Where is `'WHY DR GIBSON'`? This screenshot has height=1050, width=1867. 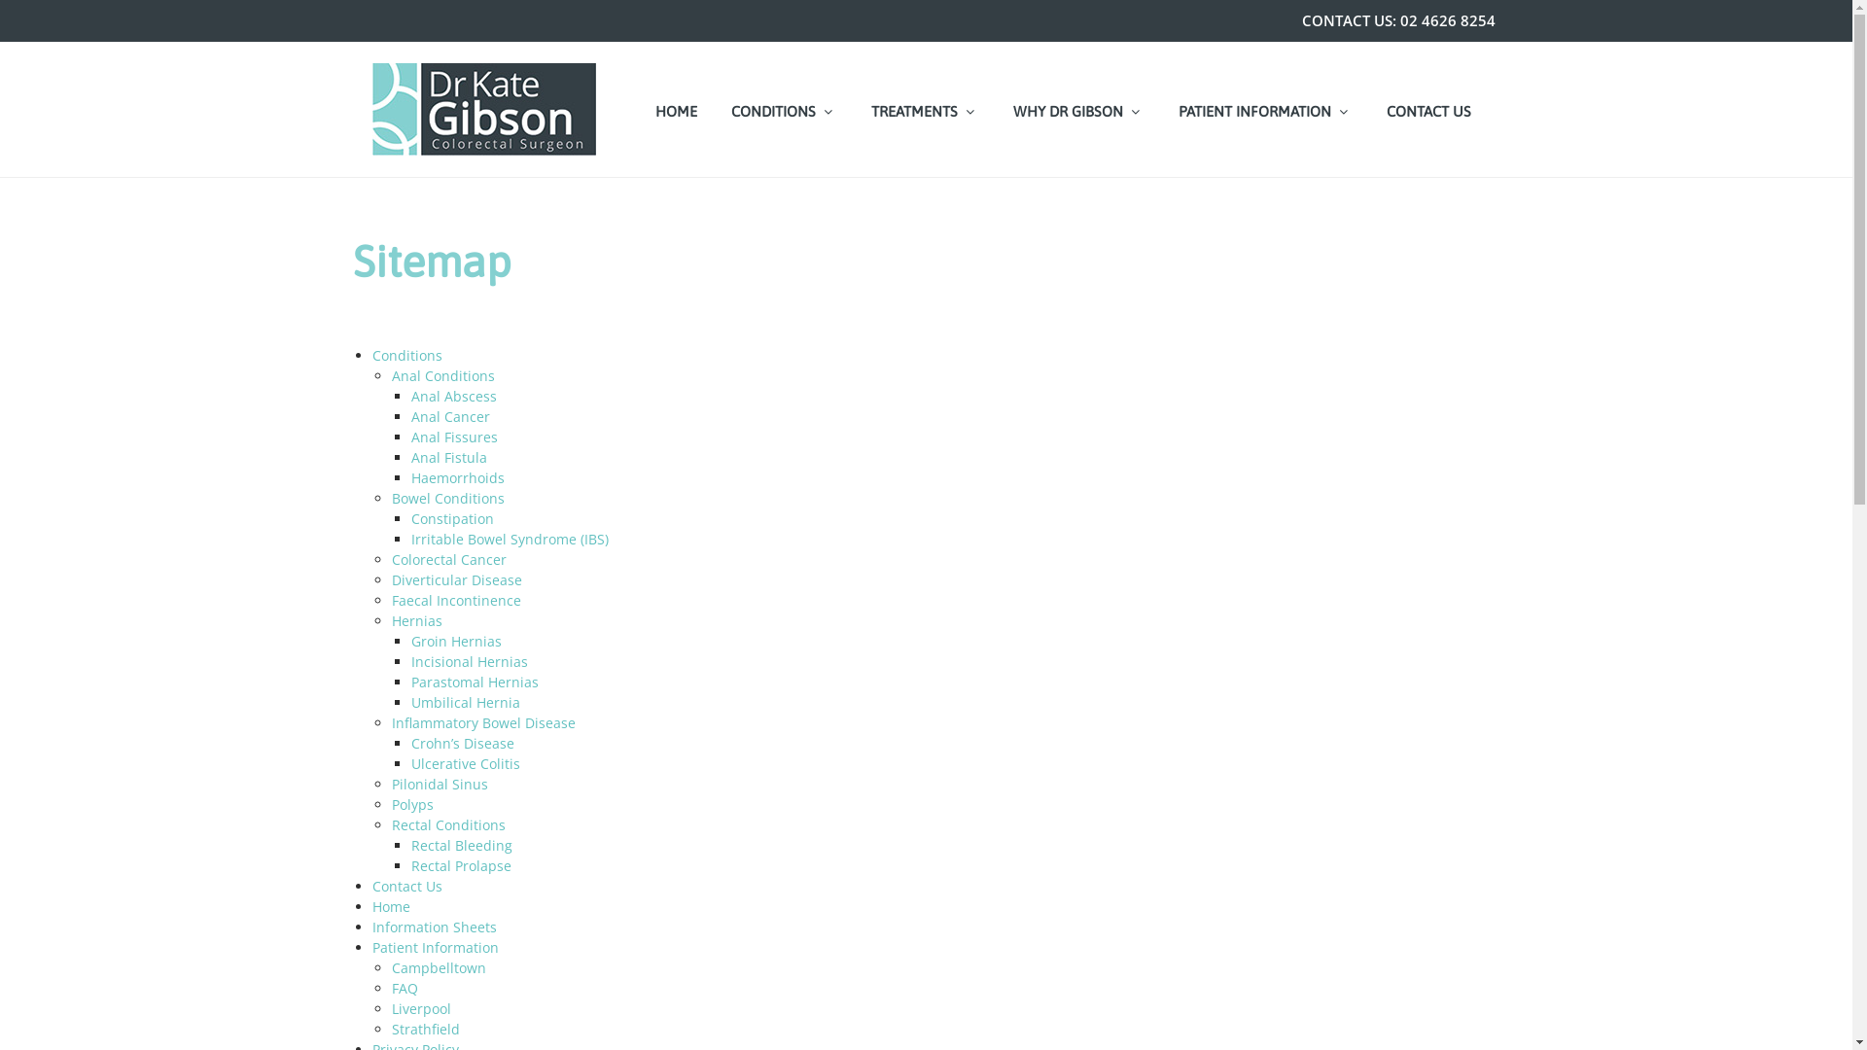
'WHY DR GIBSON' is located at coordinates (1004, 109).